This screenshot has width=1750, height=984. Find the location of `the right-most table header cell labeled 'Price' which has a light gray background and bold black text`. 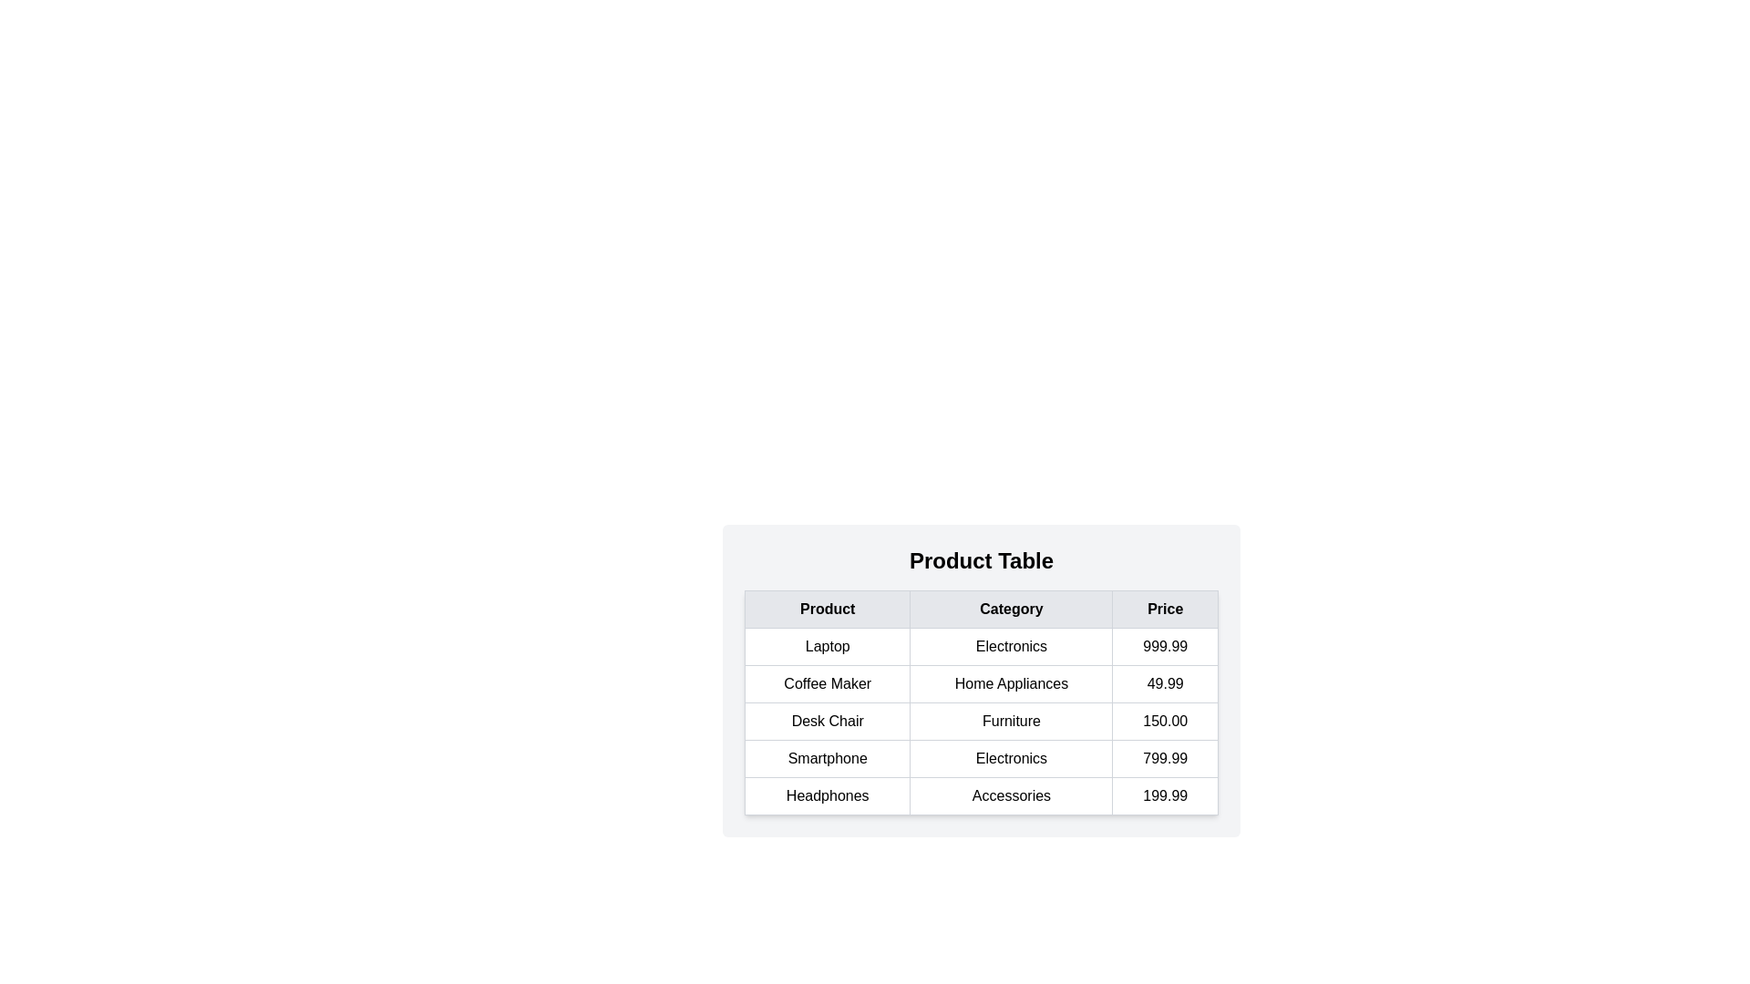

the right-most table header cell labeled 'Price' which has a light gray background and bold black text is located at coordinates (1164, 609).